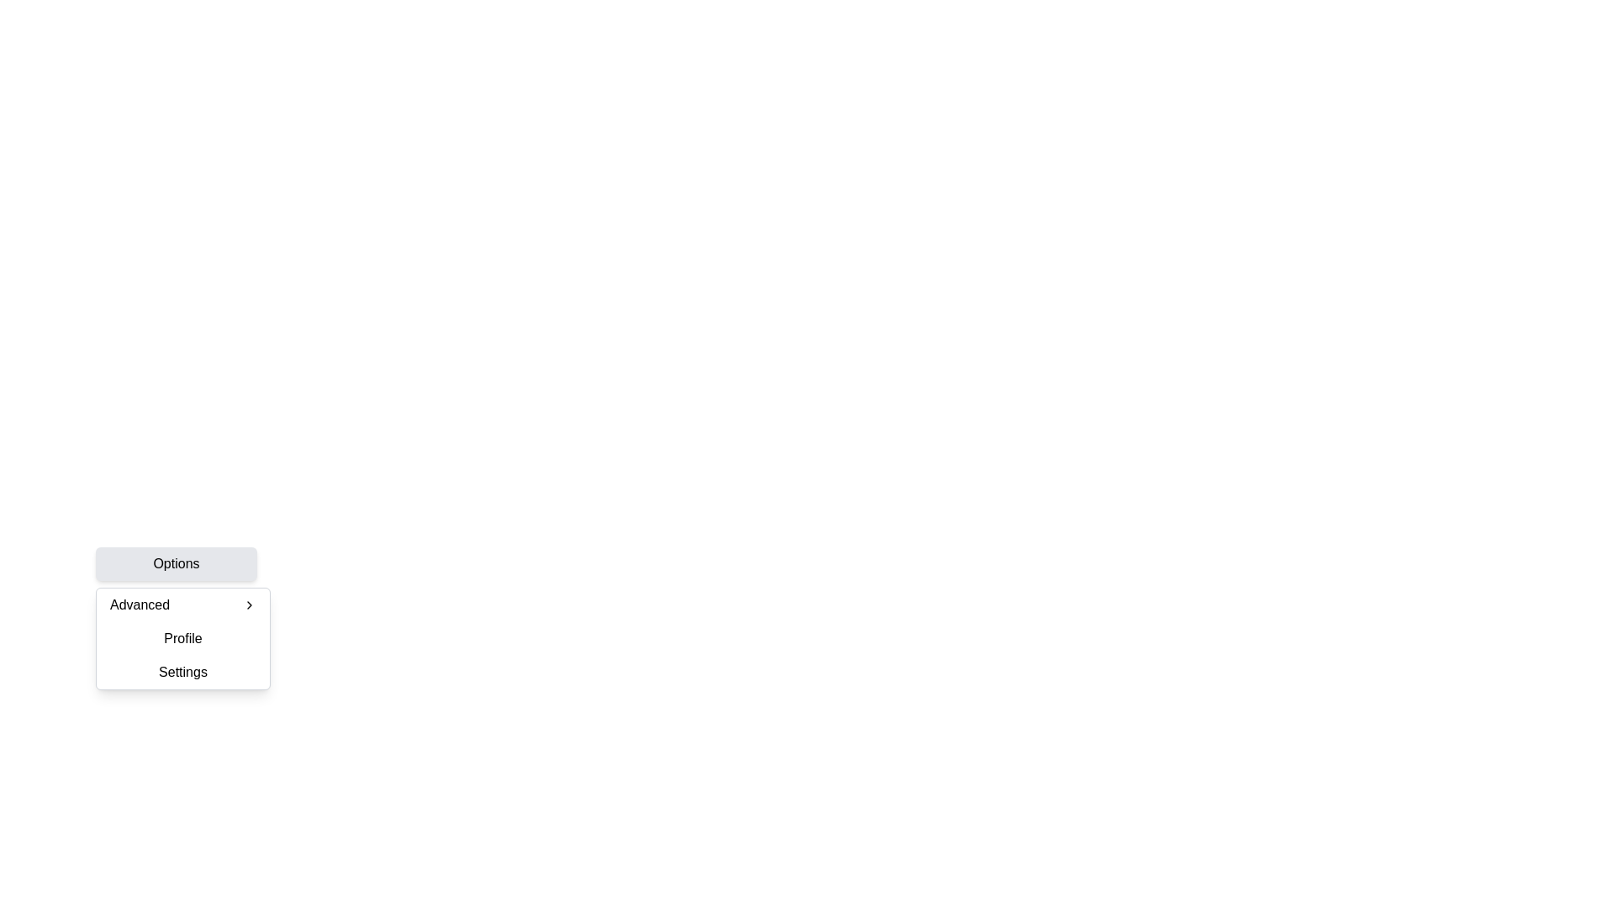 The width and height of the screenshot is (1614, 908). Describe the element at coordinates (249, 605) in the screenshot. I see `the submenu indicator icon located at the far right of the 'Advanced' row in the dropdown menu` at that location.